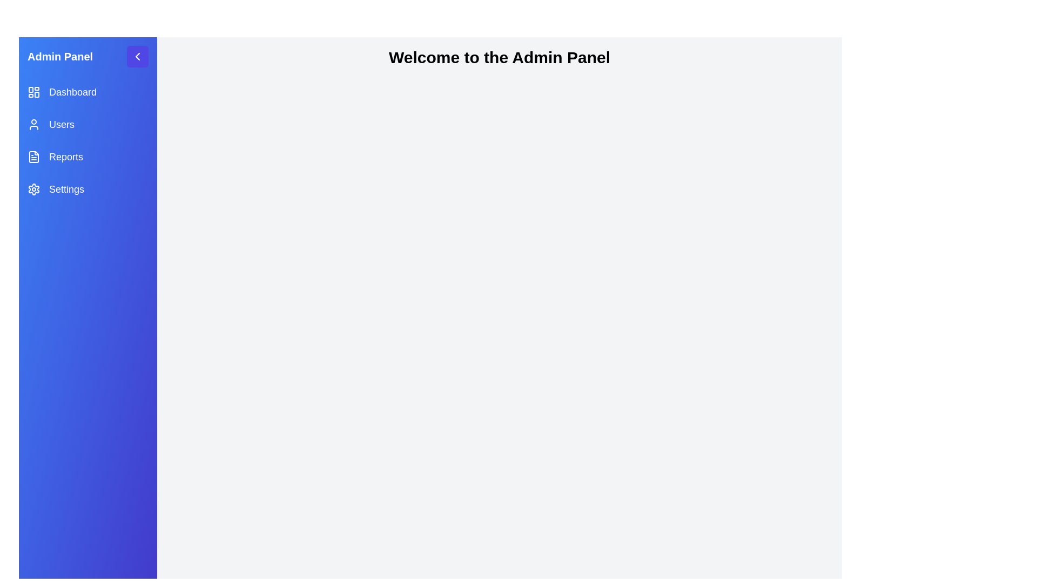  Describe the element at coordinates (59, 56) in the screenshot. I see `the bold 'Admin Panel' header text located at the top-left section of the interface, which is prominently displayed in a large font size` at that location.